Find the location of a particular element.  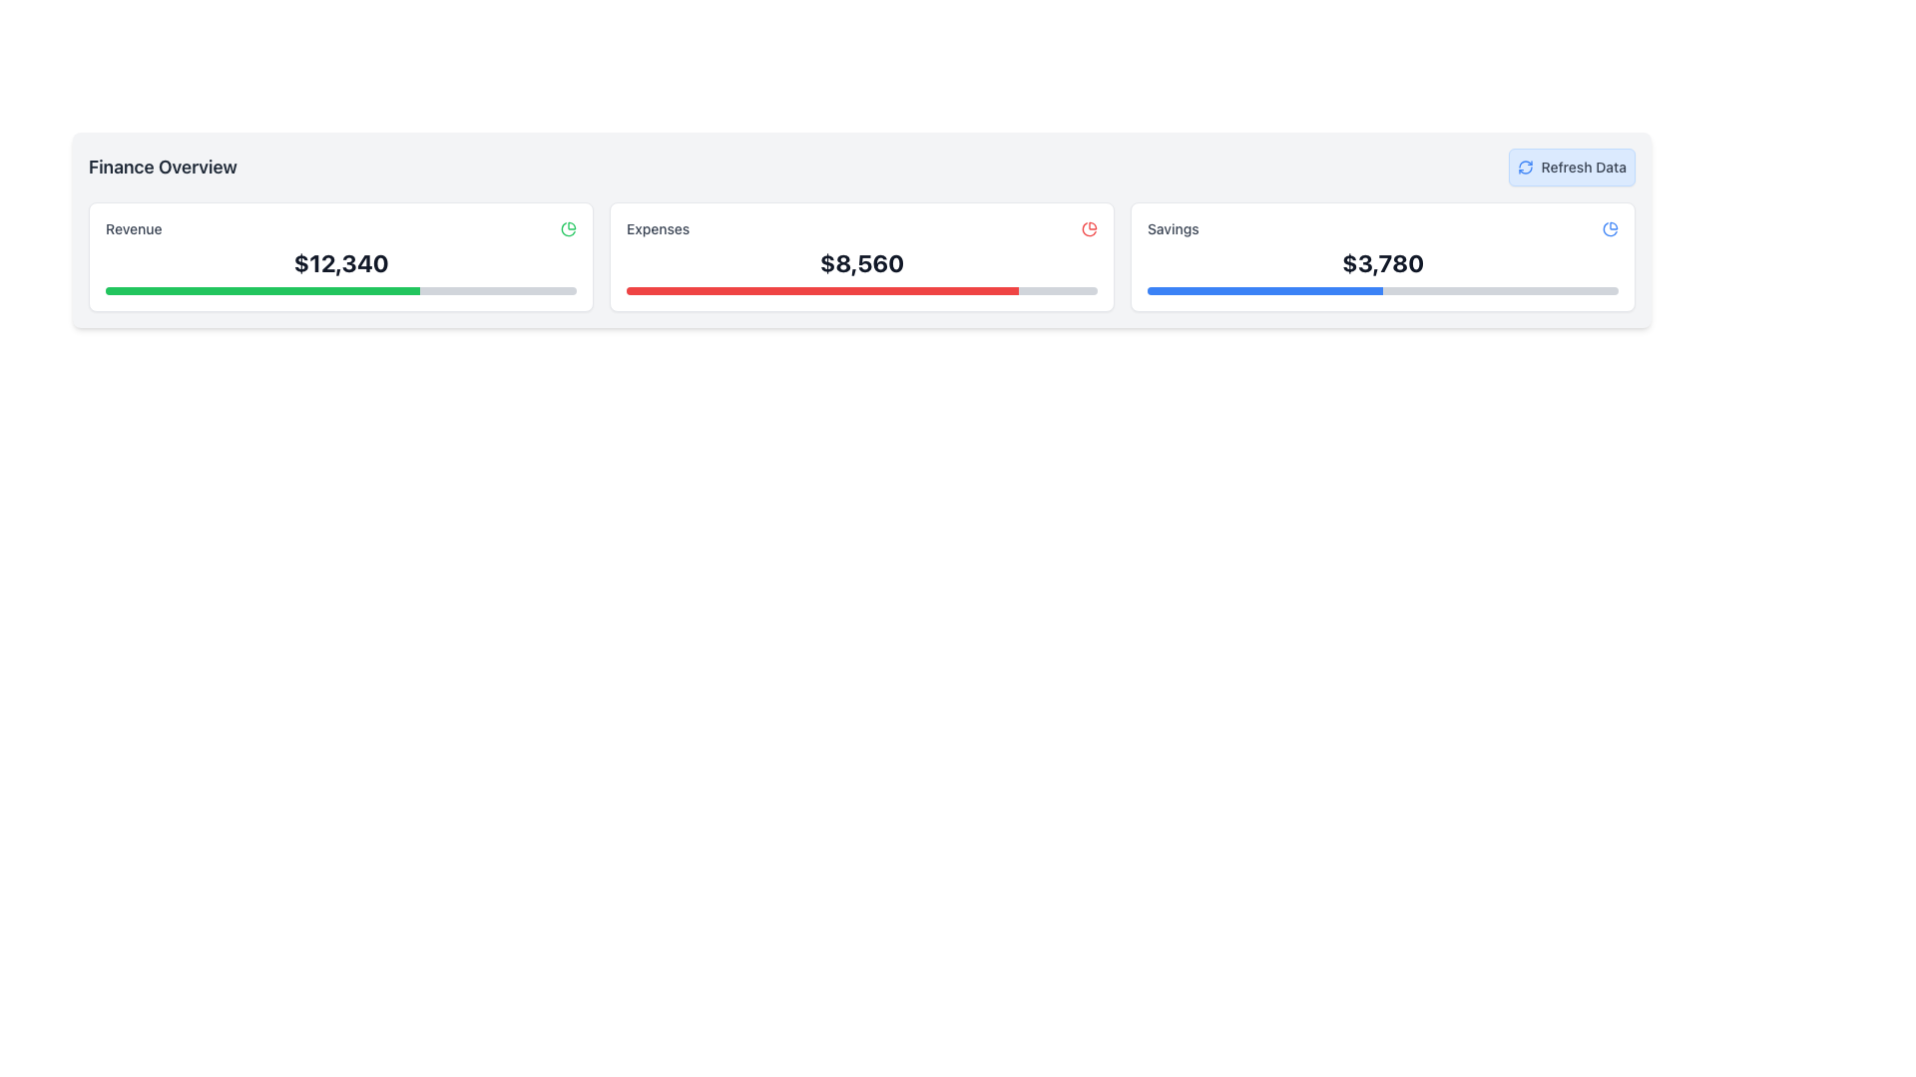

the decorative icon representing data visualization for expenses, located at the far right end of the 'Expenses' section's header is located at coordinates (1088, 228).